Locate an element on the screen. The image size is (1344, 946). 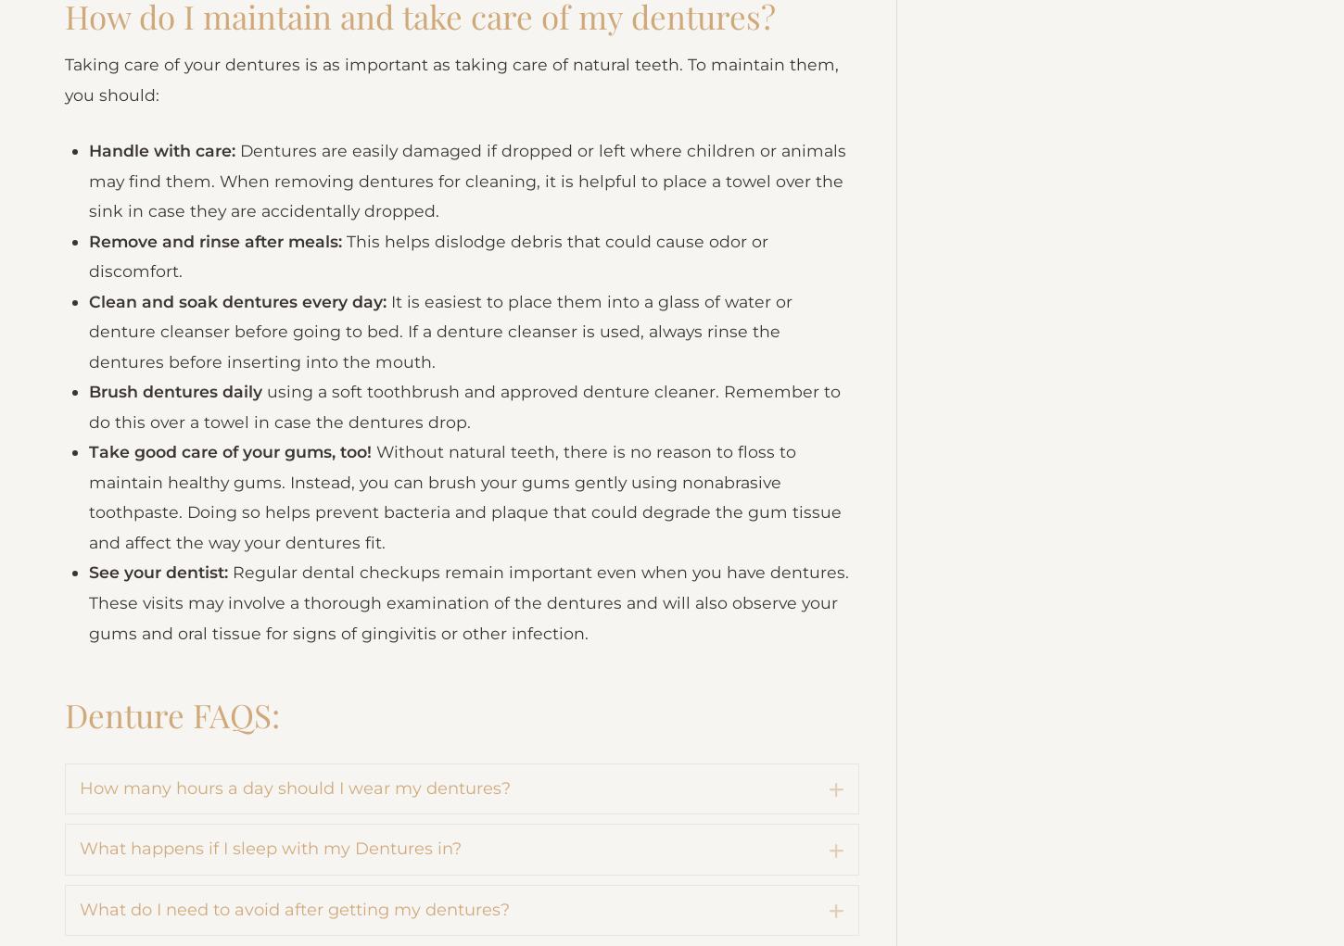
'Dentures are easily damaged if dropped or left where children or animals may find them. When removing dentures for cleaning, it is helpful to place a towel over the sink in case they are accidentally dropped.' is located at coordinates (90, 286).